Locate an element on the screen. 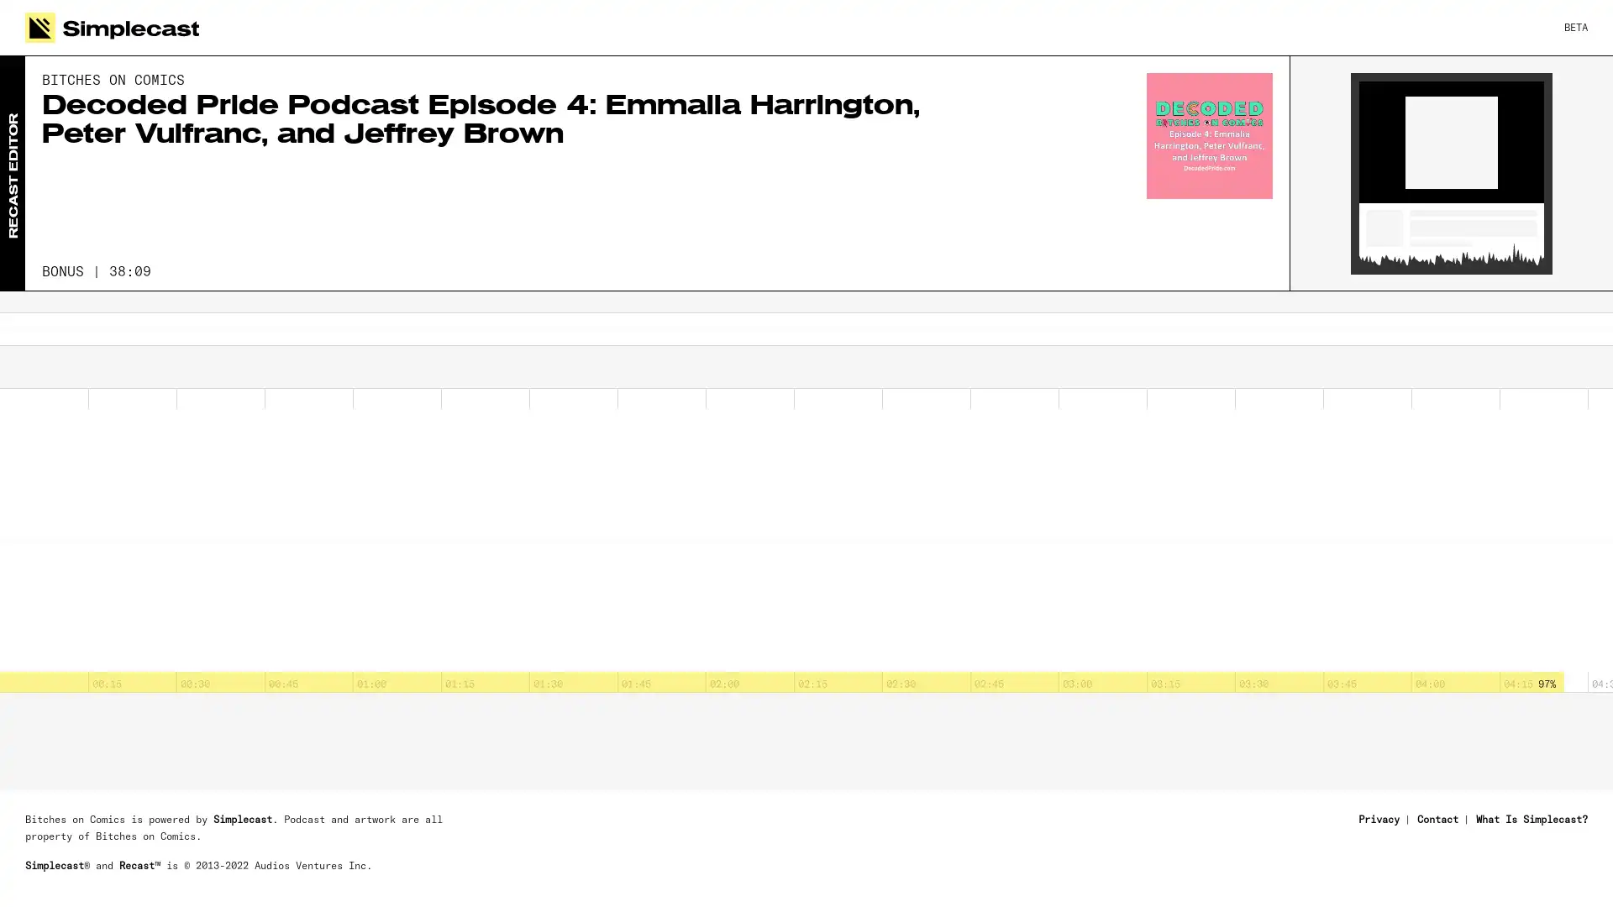 The width and height of the screenshot is (1613, 907). 30s is located at coordinates (41, 371).